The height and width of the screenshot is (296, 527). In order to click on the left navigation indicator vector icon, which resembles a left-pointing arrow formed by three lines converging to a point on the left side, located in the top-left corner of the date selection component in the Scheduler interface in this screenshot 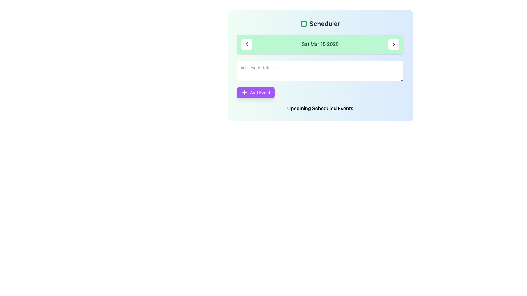, I will do `click(246, 44)`.